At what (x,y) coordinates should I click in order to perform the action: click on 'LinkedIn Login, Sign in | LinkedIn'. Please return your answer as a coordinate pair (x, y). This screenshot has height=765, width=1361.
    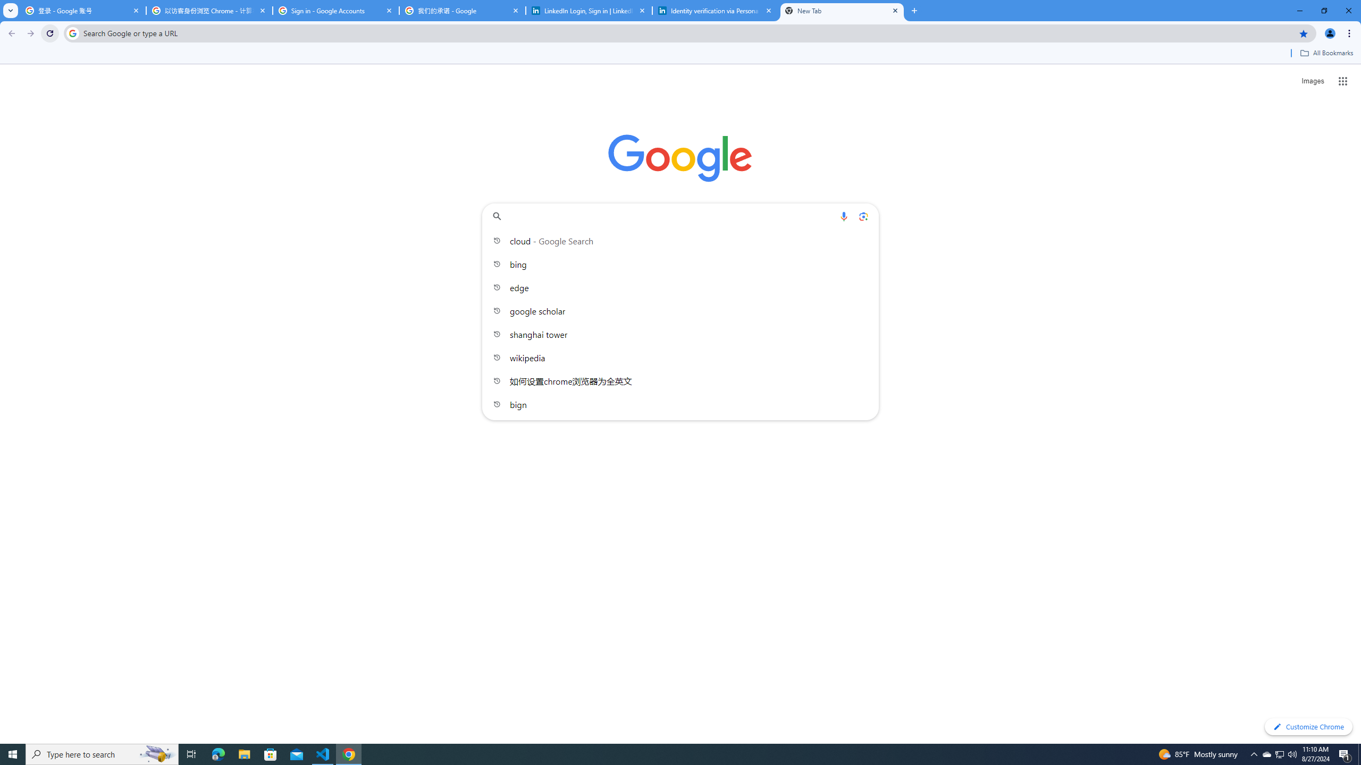
    Looking at the image, I should click on (589, 10).